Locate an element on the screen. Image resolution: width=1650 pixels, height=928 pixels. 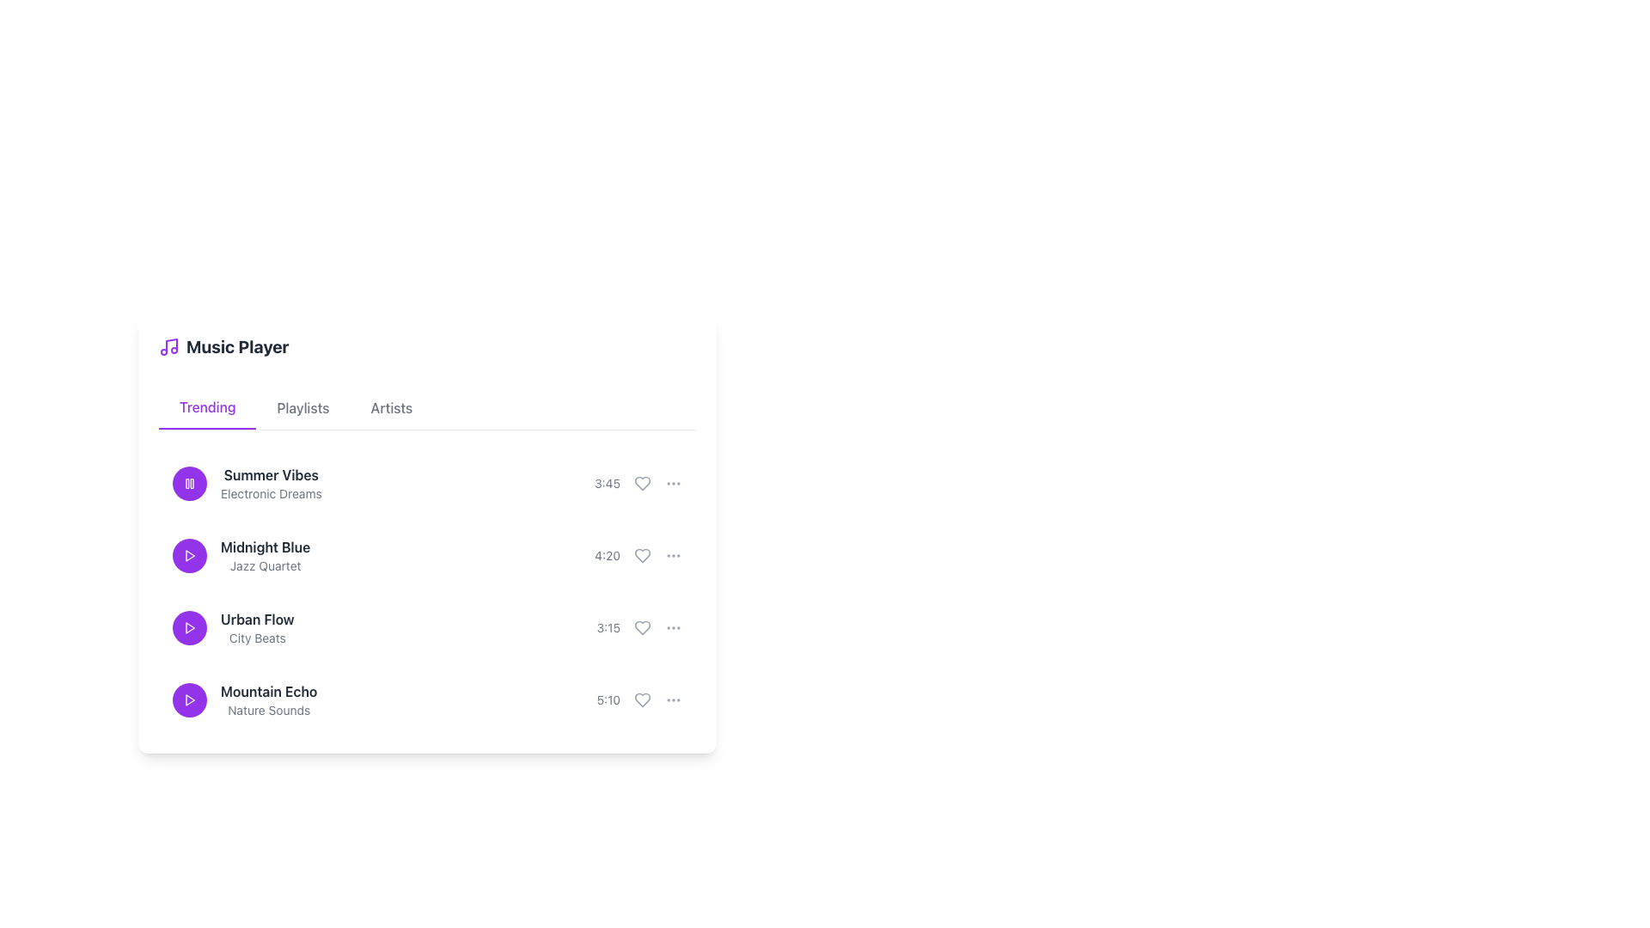
the text label identifying the name of a music track or playlist in the first row under the 'Trending' tab of the music player interface is located at coordinates (270, 474).